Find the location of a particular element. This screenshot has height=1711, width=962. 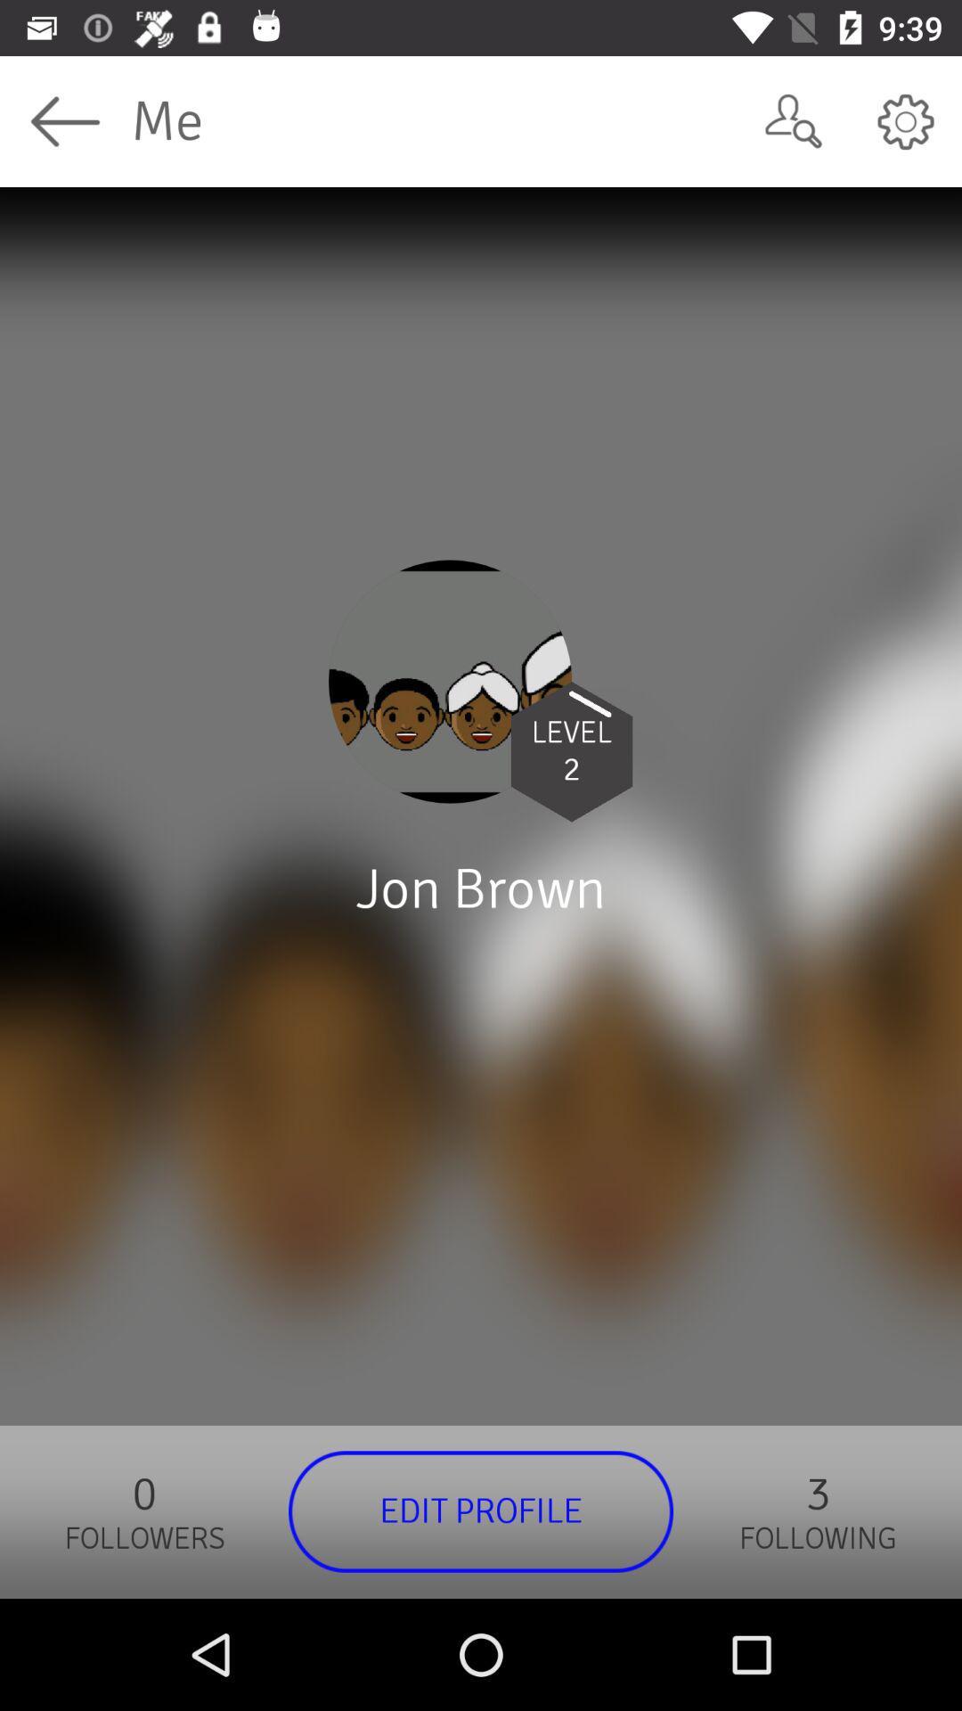

go back is located at coordinates (64, 120).